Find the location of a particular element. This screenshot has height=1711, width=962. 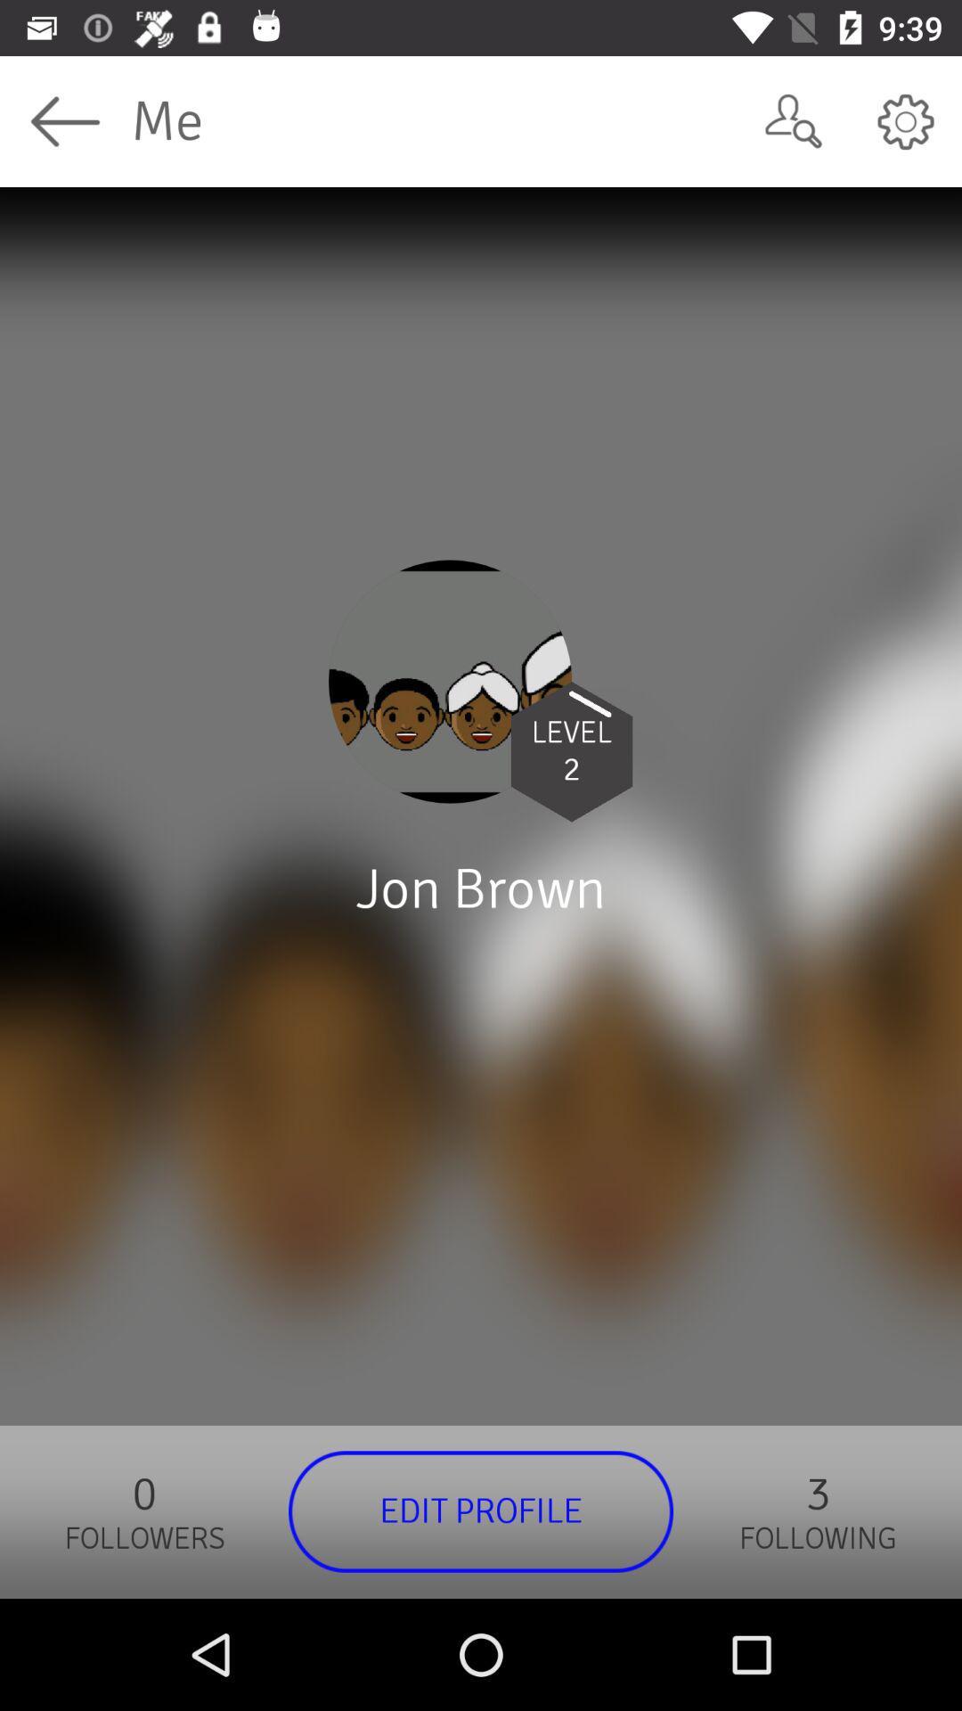

go back is located at coordinates (64, 120).